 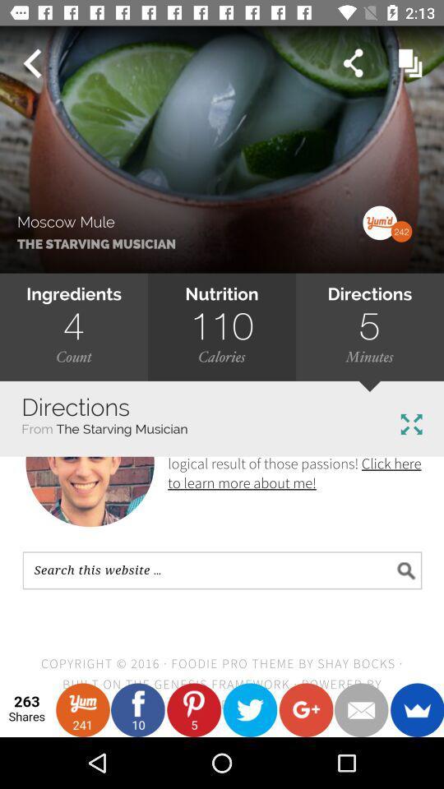 What do you see at coordinates (409, 63) in the screenshot?
I see `the layers icon` at bounding box center [409, 63].